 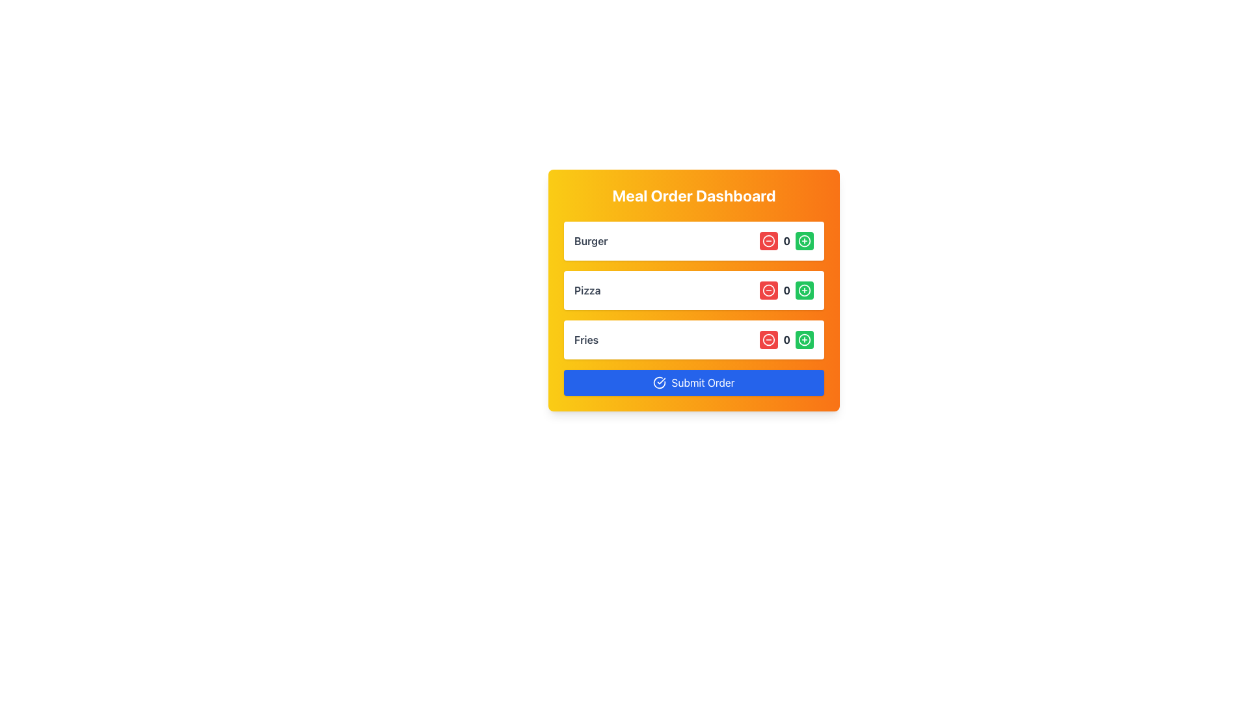 What do you see at coordinates (769, 240) in the screenshot?
I see `the red button with a minus icon, located between the 'Burger' text input field and the green plus button` at bounding box center [769, 240].